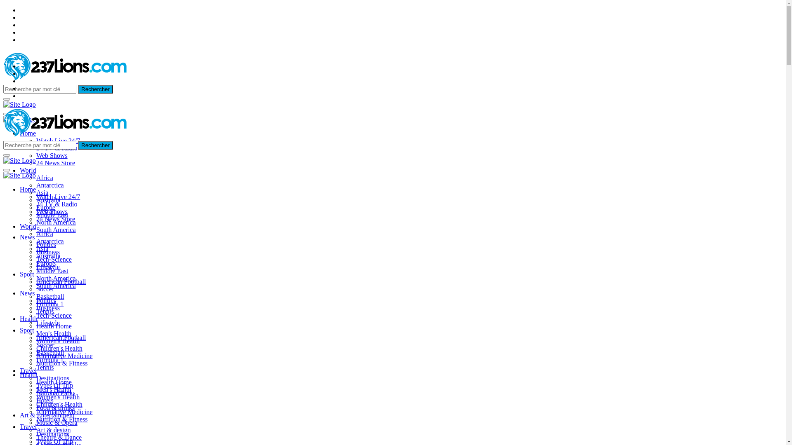  I want to click on 'Basketball', so click(49, 296).